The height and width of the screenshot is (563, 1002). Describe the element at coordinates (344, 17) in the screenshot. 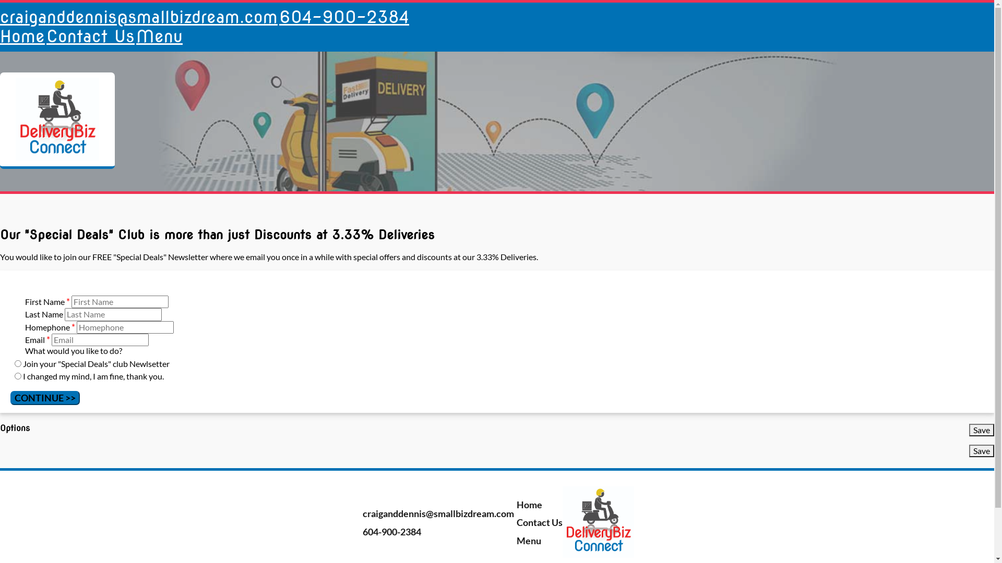

I see `'604-900-2384'` at that location.